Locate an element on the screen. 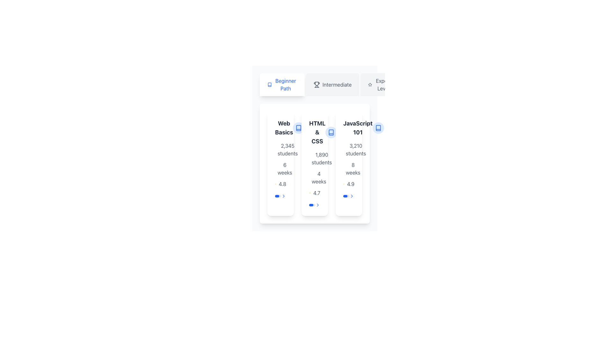 Image resolution: width=612 pixels, height=344 pixels. the open book icon, which is styled with a blue color scheme and located within the second card under 'HTML & CSS' is located at coordinates (331, 132).